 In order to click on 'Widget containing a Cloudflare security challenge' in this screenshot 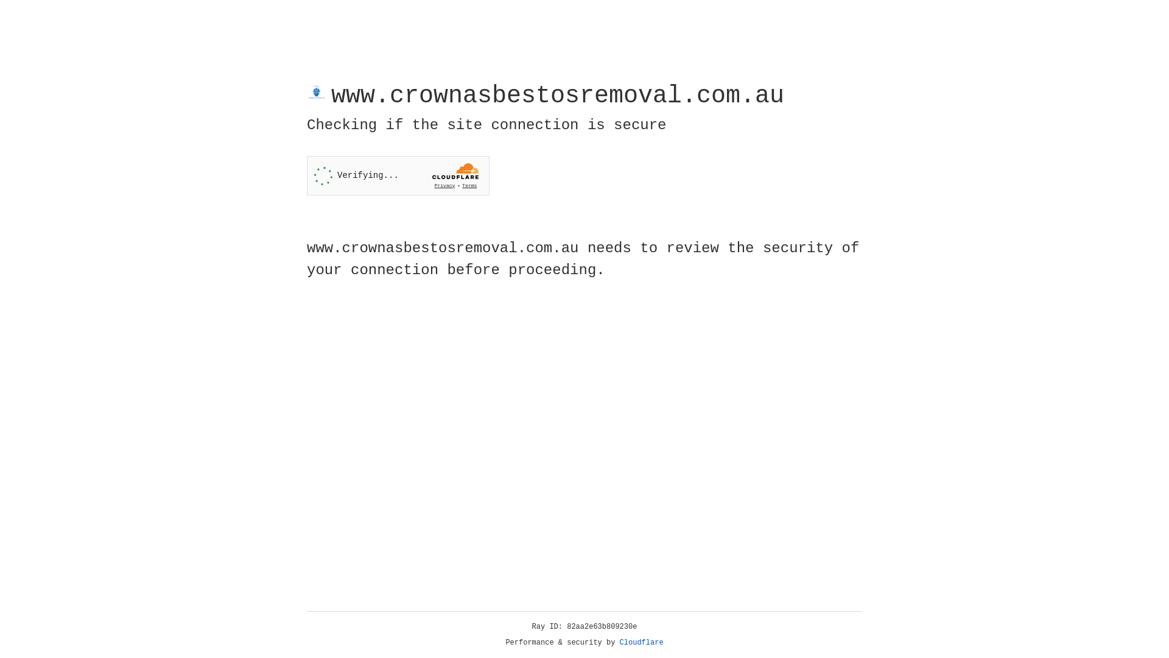, I will do `click(398, 175)`.